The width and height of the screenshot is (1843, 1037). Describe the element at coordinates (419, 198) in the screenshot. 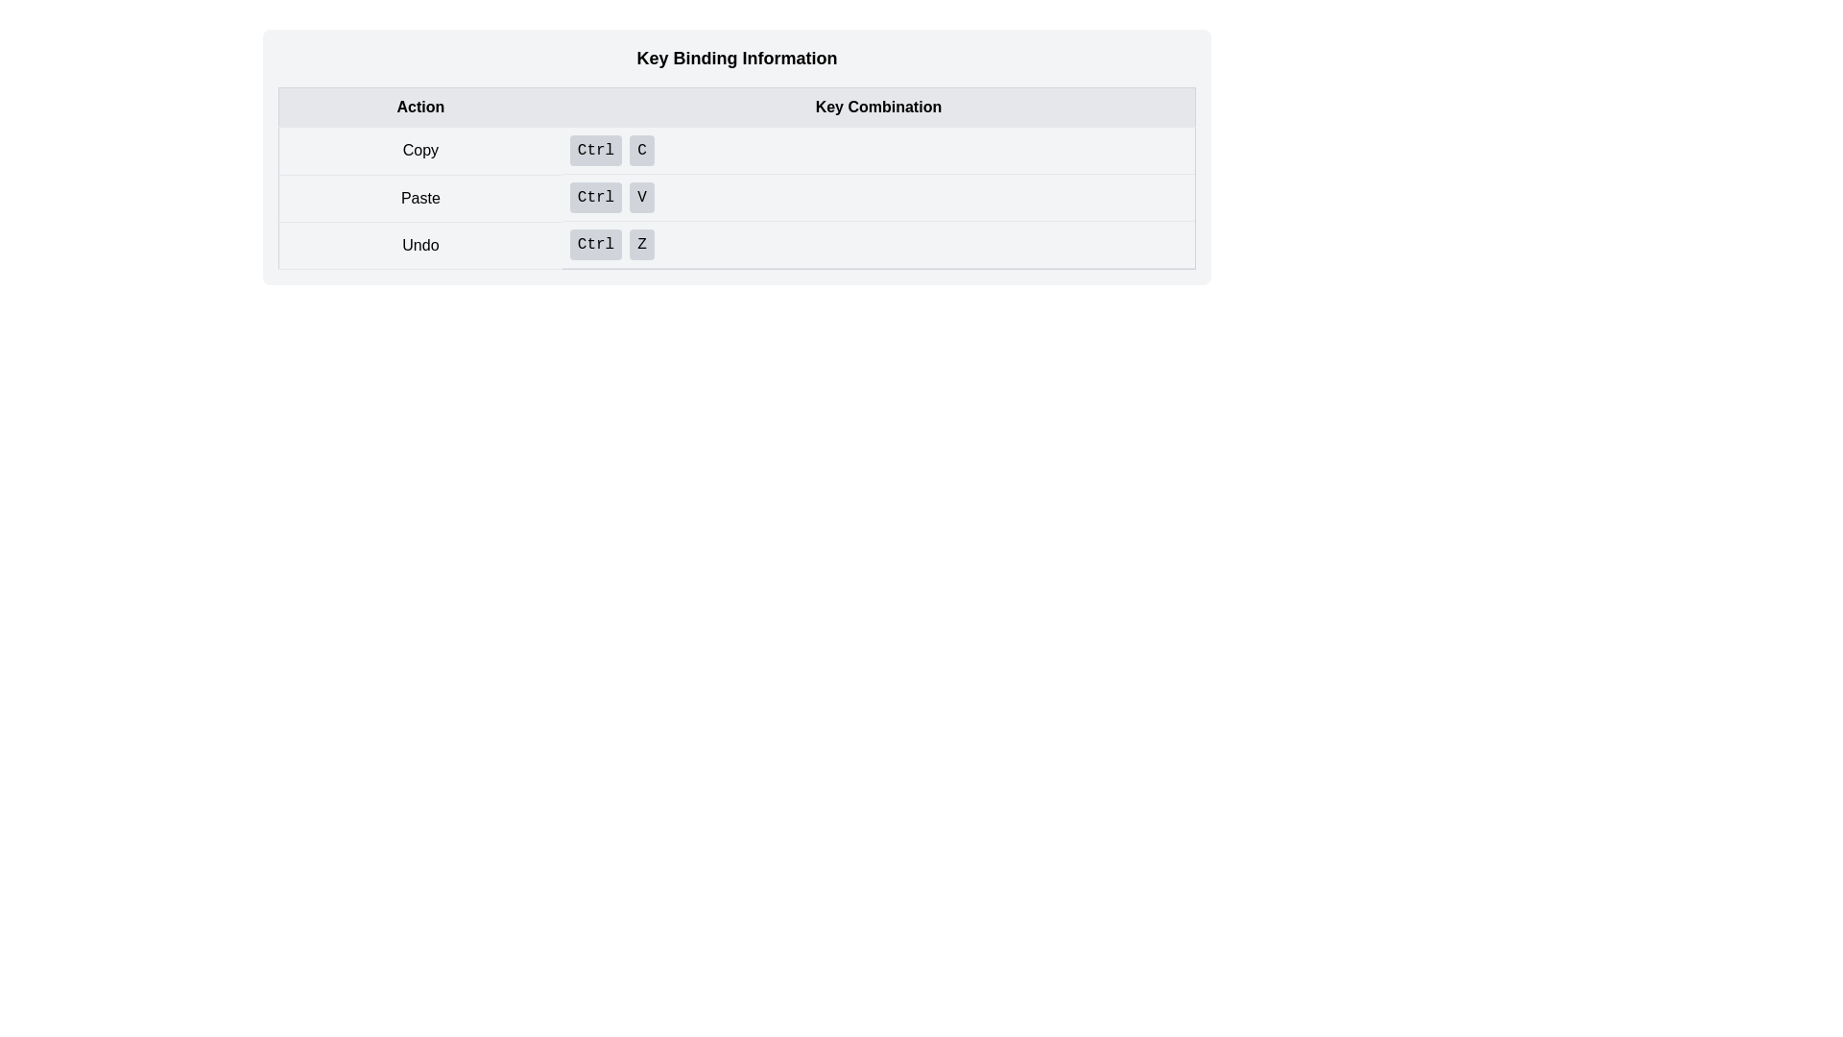

I see `the 'Paste' label, which is a plain text label in a table under the 'Action' column, positioned in the second row below 'Copy' and above 'Undo'` at that location.